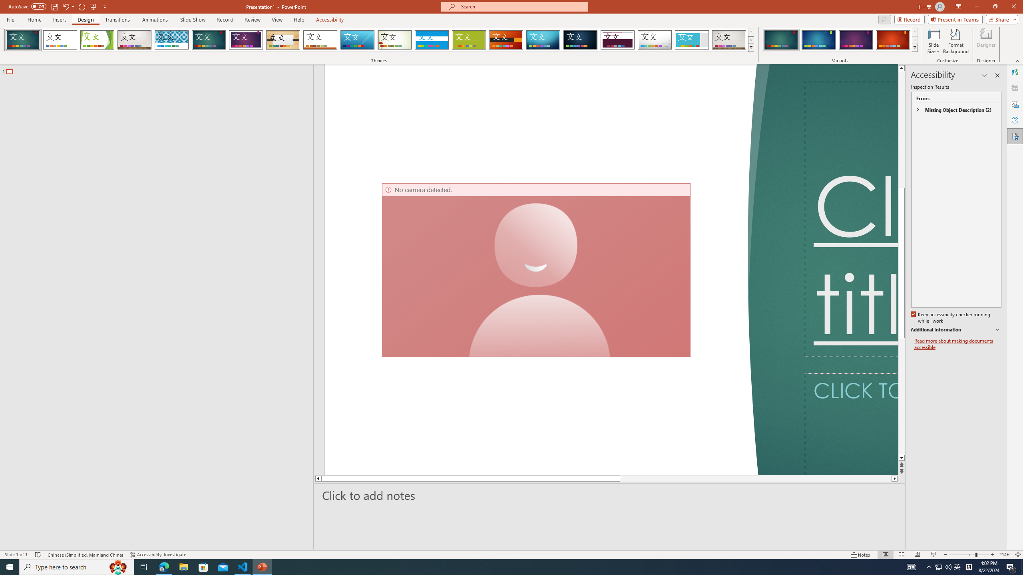  I want to click on 'Zoom 214%', so click(1005, 555).